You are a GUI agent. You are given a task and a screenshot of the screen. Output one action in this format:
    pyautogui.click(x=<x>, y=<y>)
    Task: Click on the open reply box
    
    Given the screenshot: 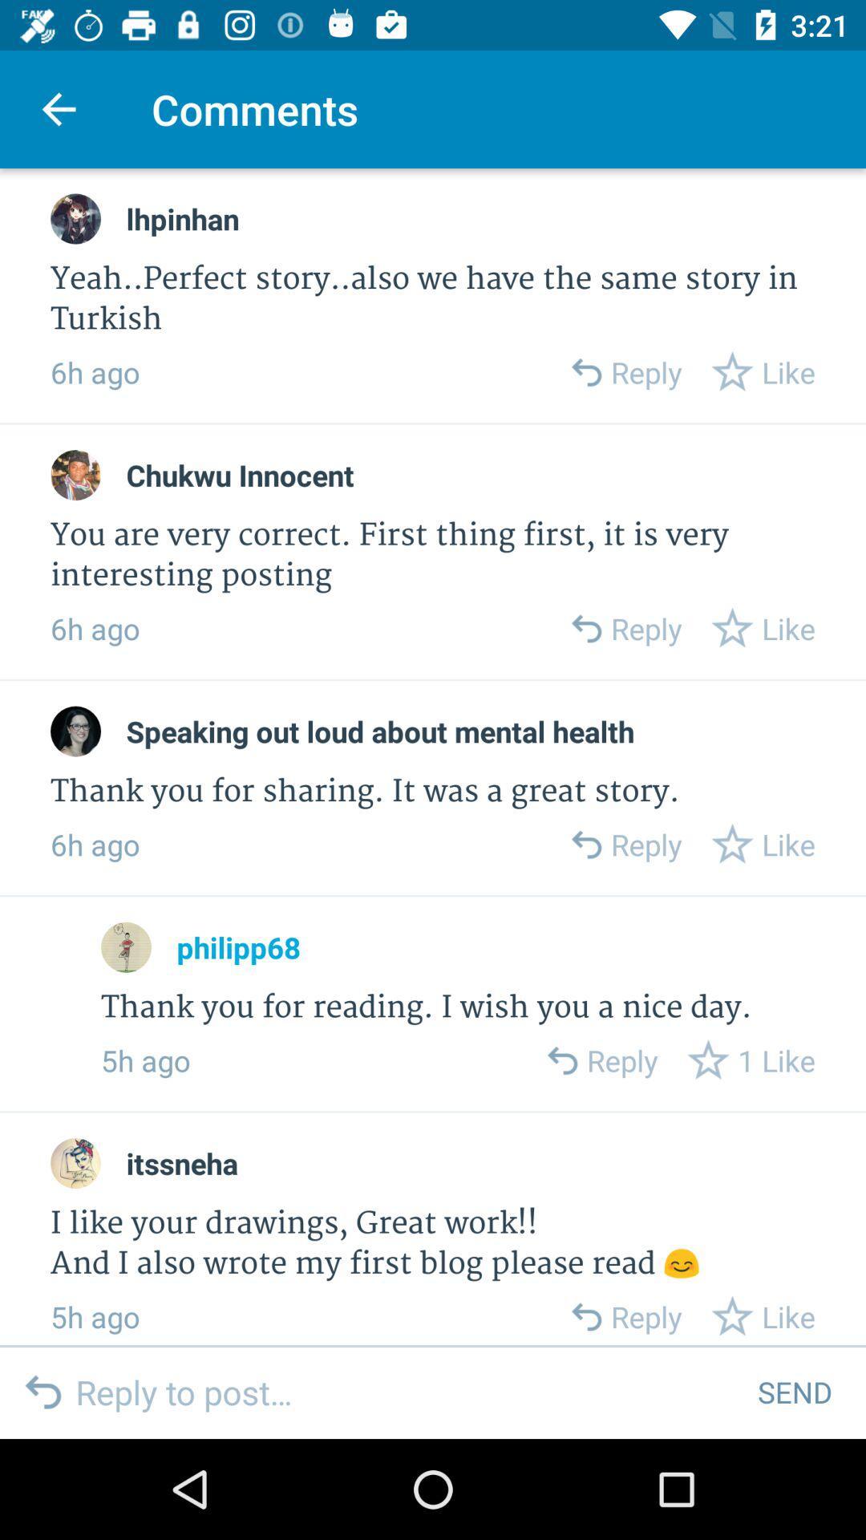 What is the action you would take?
    pyautogui.click(x=585, y=843)
    